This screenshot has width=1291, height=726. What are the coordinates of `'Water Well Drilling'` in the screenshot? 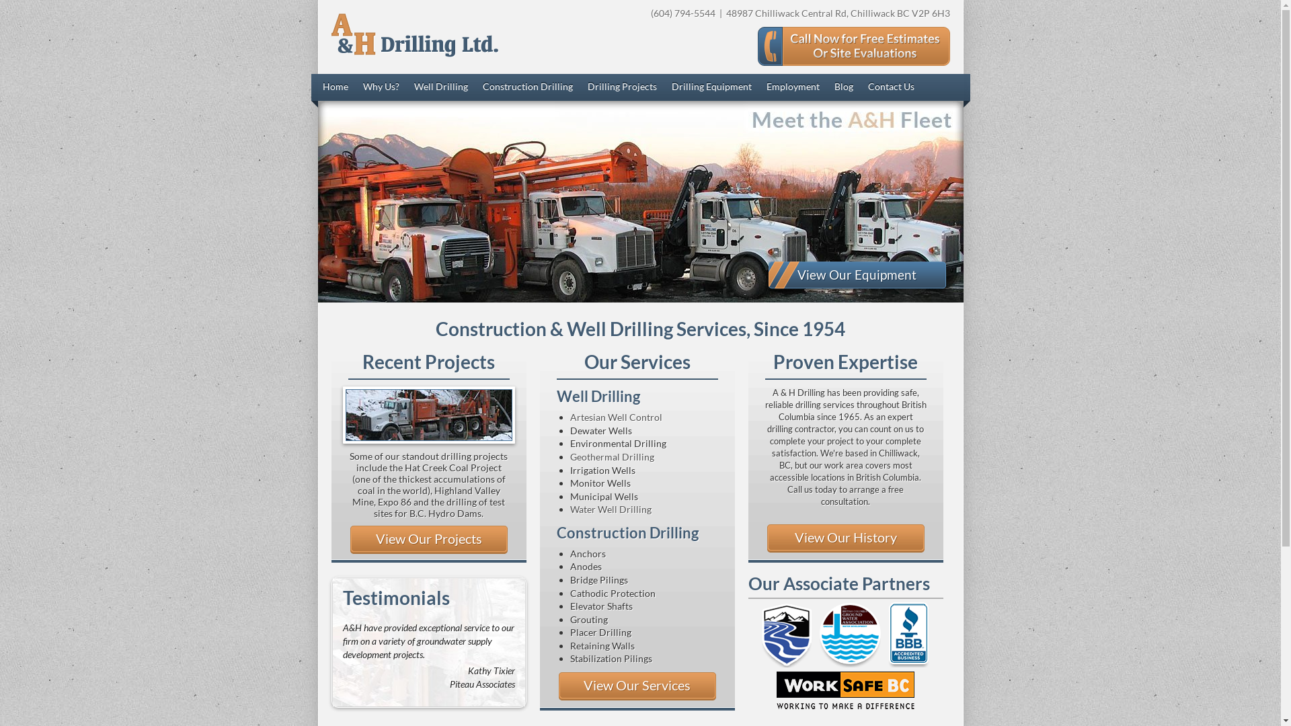 It's located at (610, 509).